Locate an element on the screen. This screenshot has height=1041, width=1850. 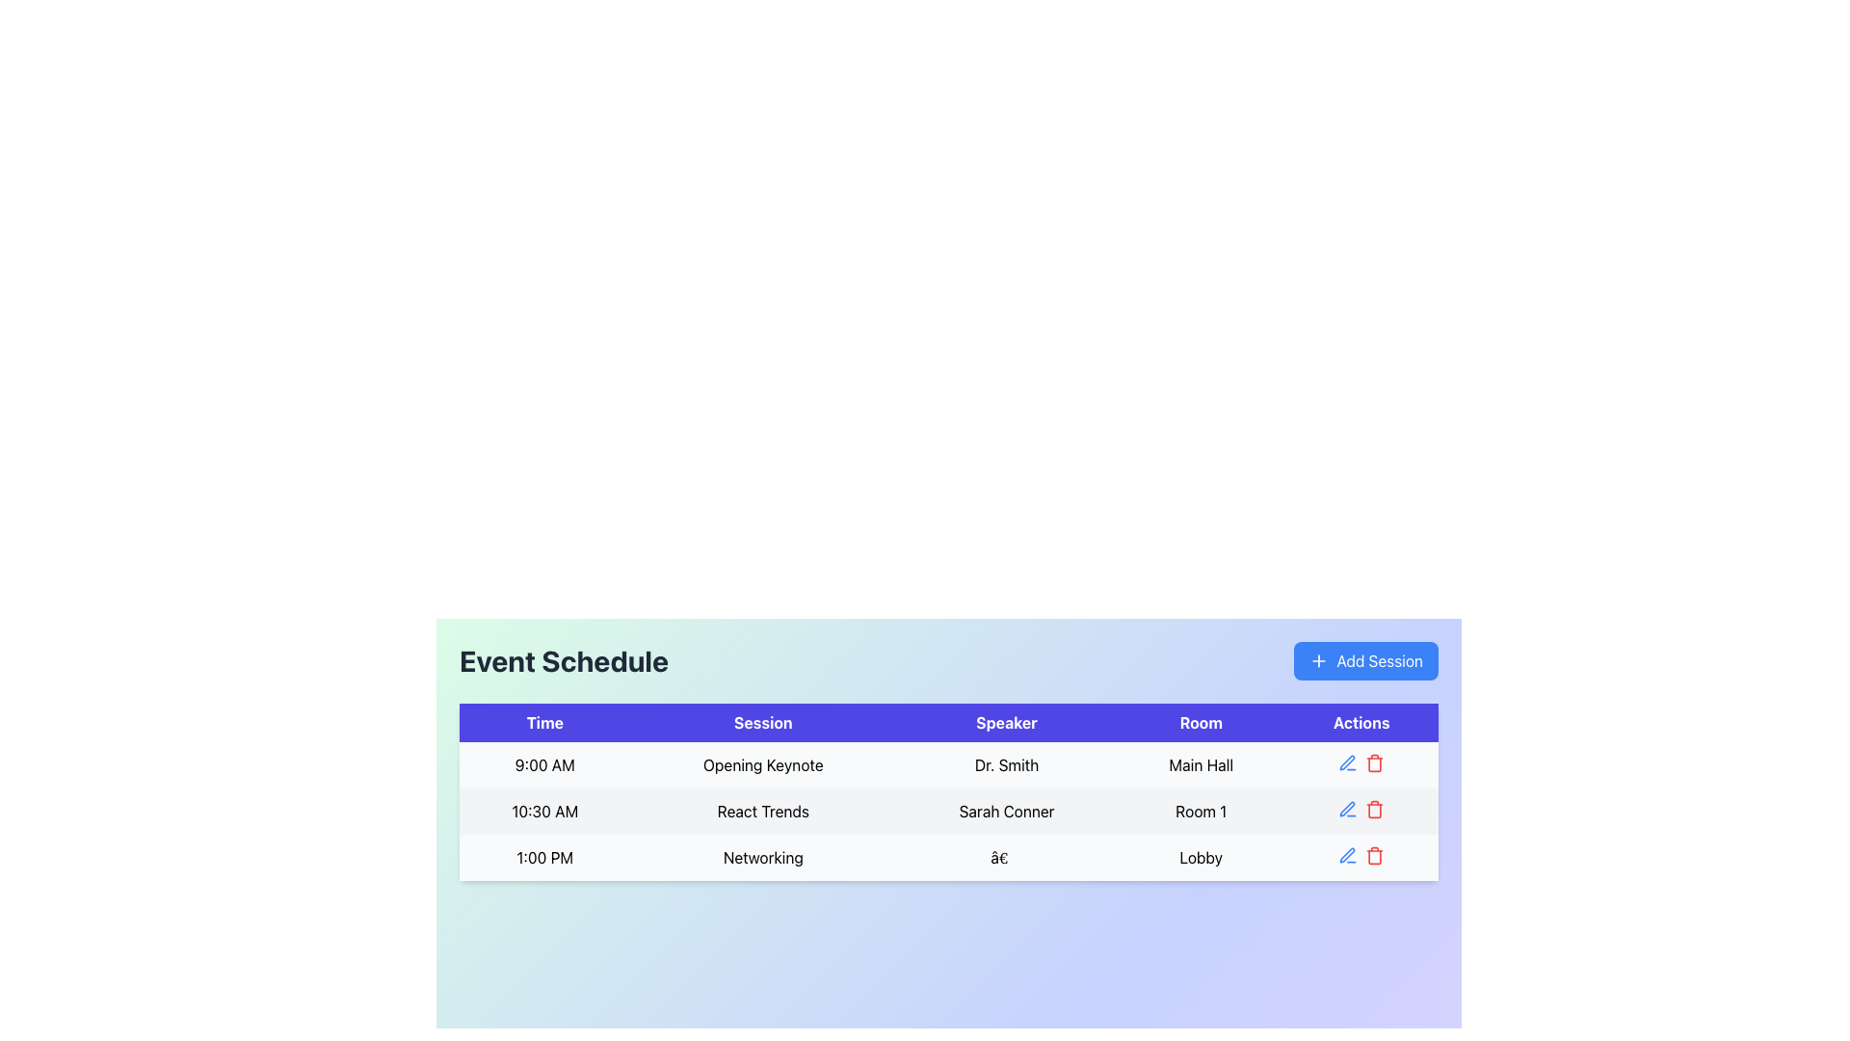
the blue pen icon button located under the 'Actions' column on the second row is located at coordinates (1347, 810).